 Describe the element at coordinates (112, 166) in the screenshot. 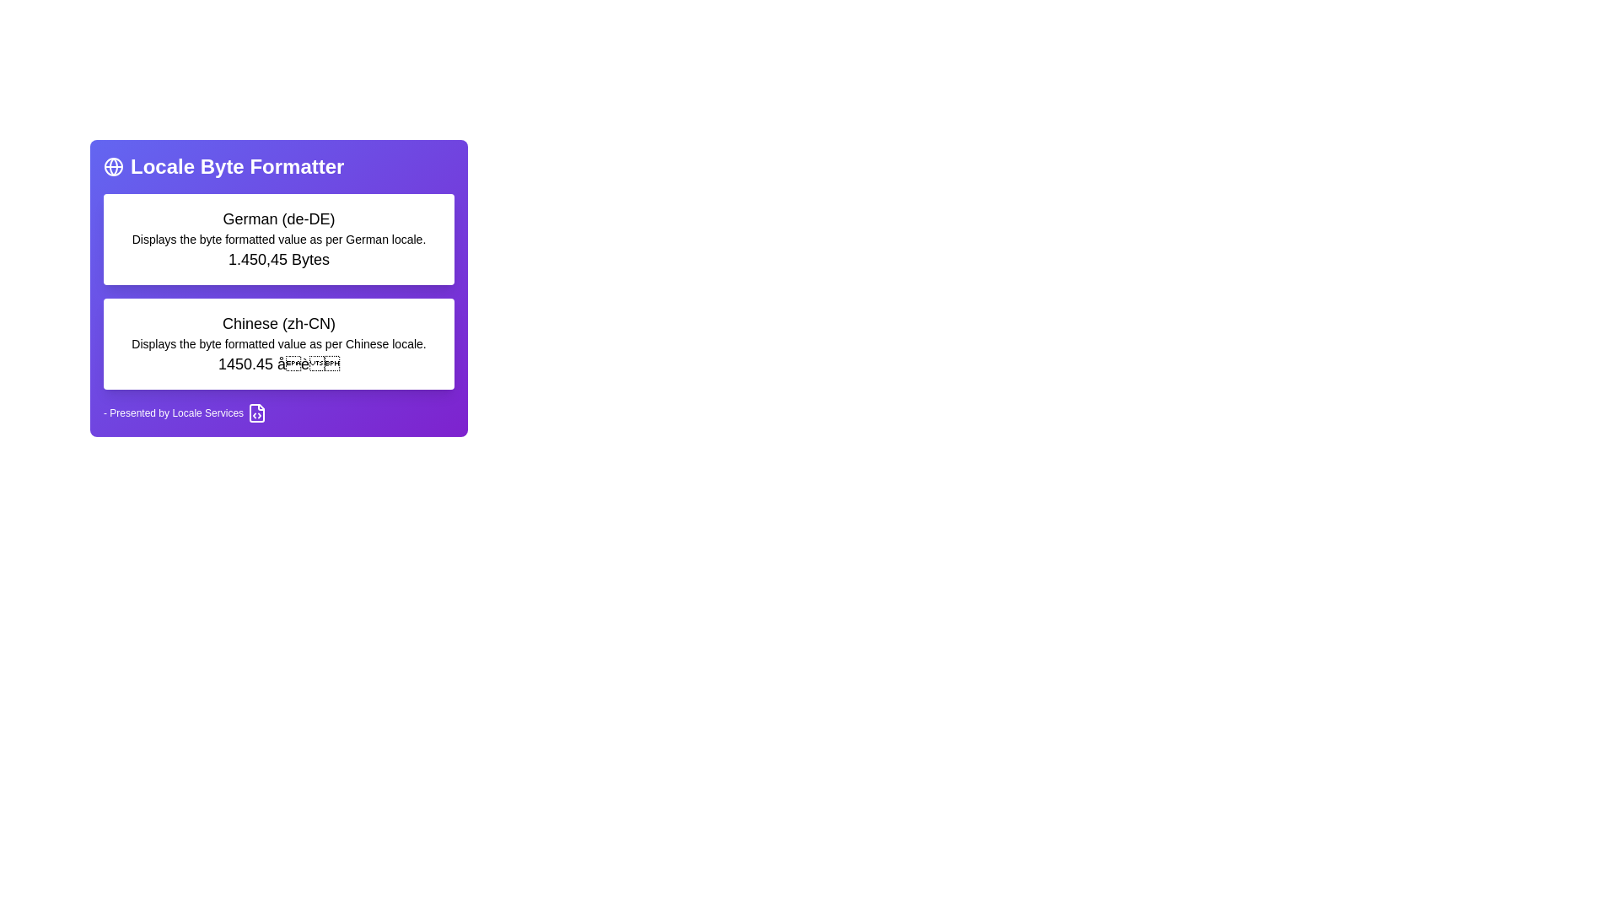

I see `the graphical globe icon element situated centrally within the globe icon, which is part of the 'Locale Byte Formatter' purple card` at that location.